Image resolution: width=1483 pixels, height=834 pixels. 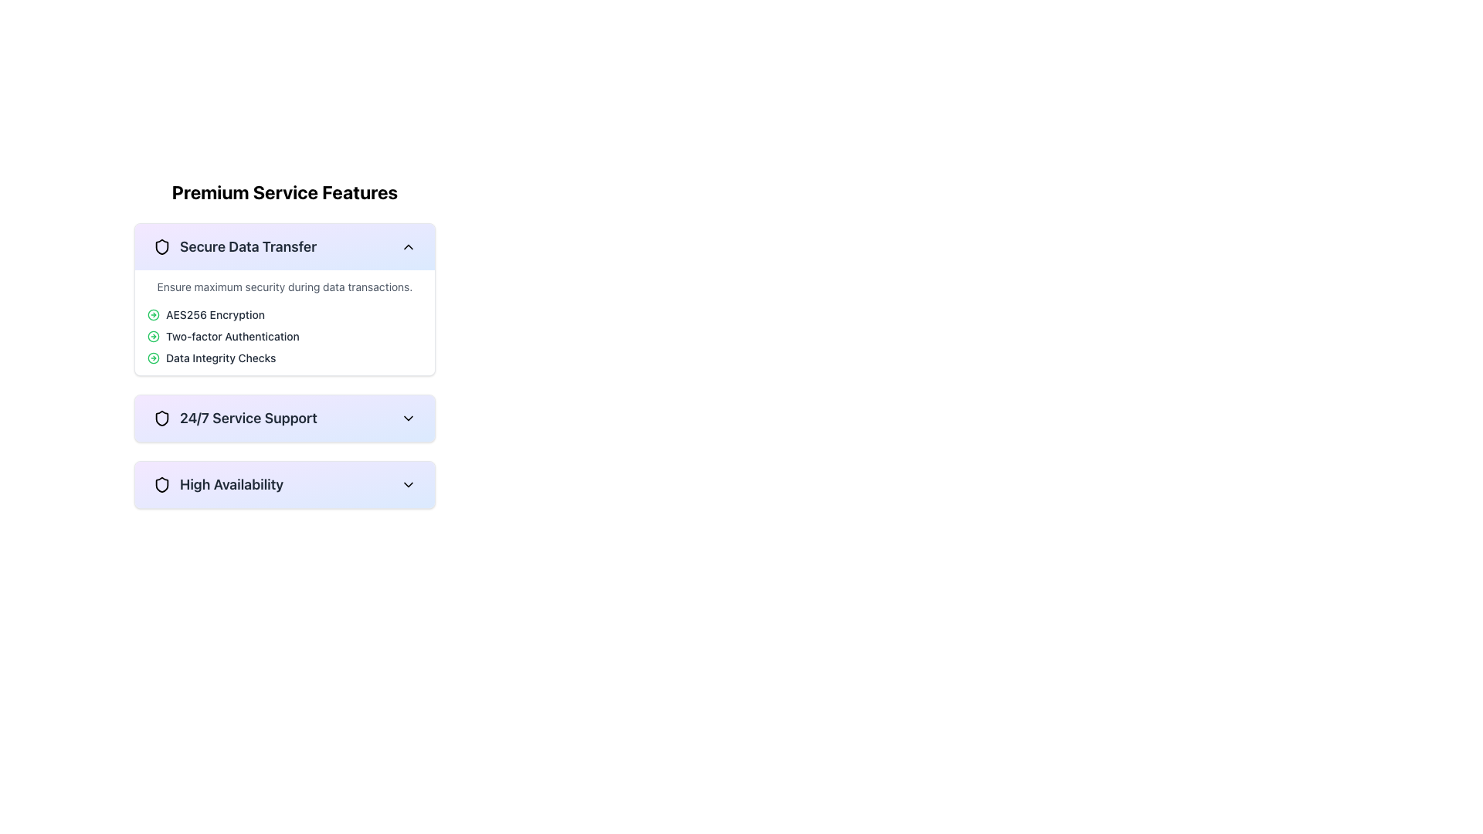 What do you see at coordinates (153, 314) in the screenshot?
I see `the small, circular green arrow icon pointing to the right next to the text 'AES256 Encryption'` at bounding box center [153, 314].